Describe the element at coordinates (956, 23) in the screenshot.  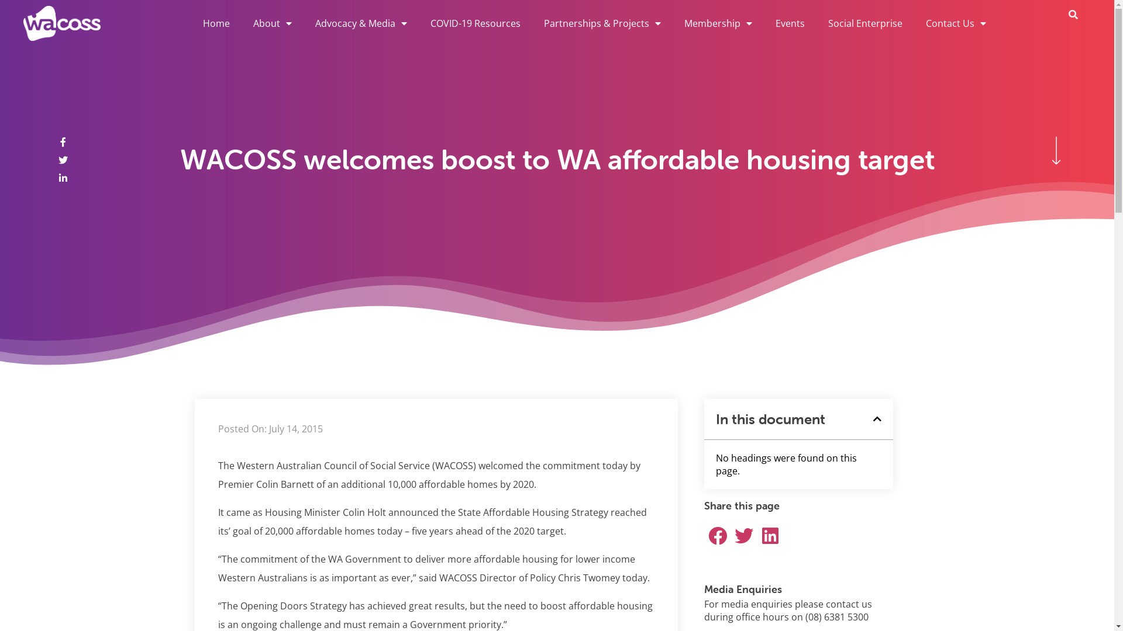
I see `'Contact Us'` at that location.